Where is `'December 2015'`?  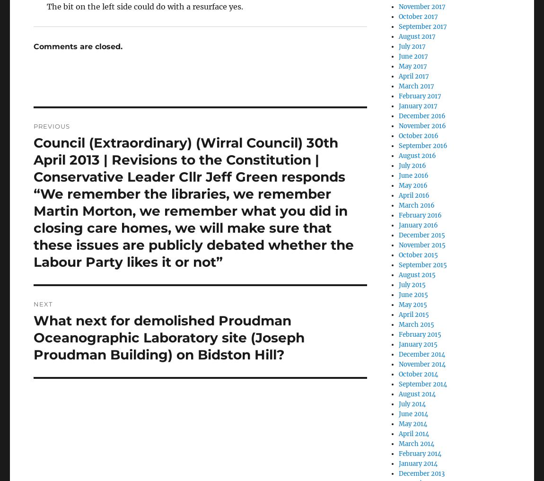
'December 2015' is located at coordinates (422, 235).